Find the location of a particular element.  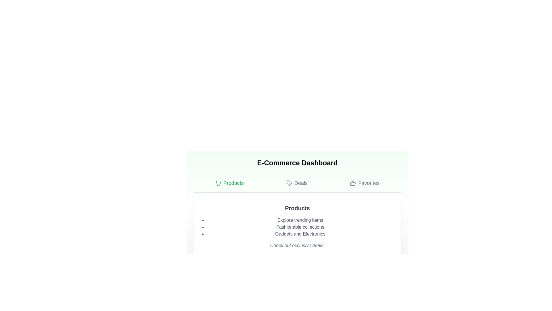

the 'Favorites' navigation button, which is the third option in a row of three links is located at coordinates (365, 183).